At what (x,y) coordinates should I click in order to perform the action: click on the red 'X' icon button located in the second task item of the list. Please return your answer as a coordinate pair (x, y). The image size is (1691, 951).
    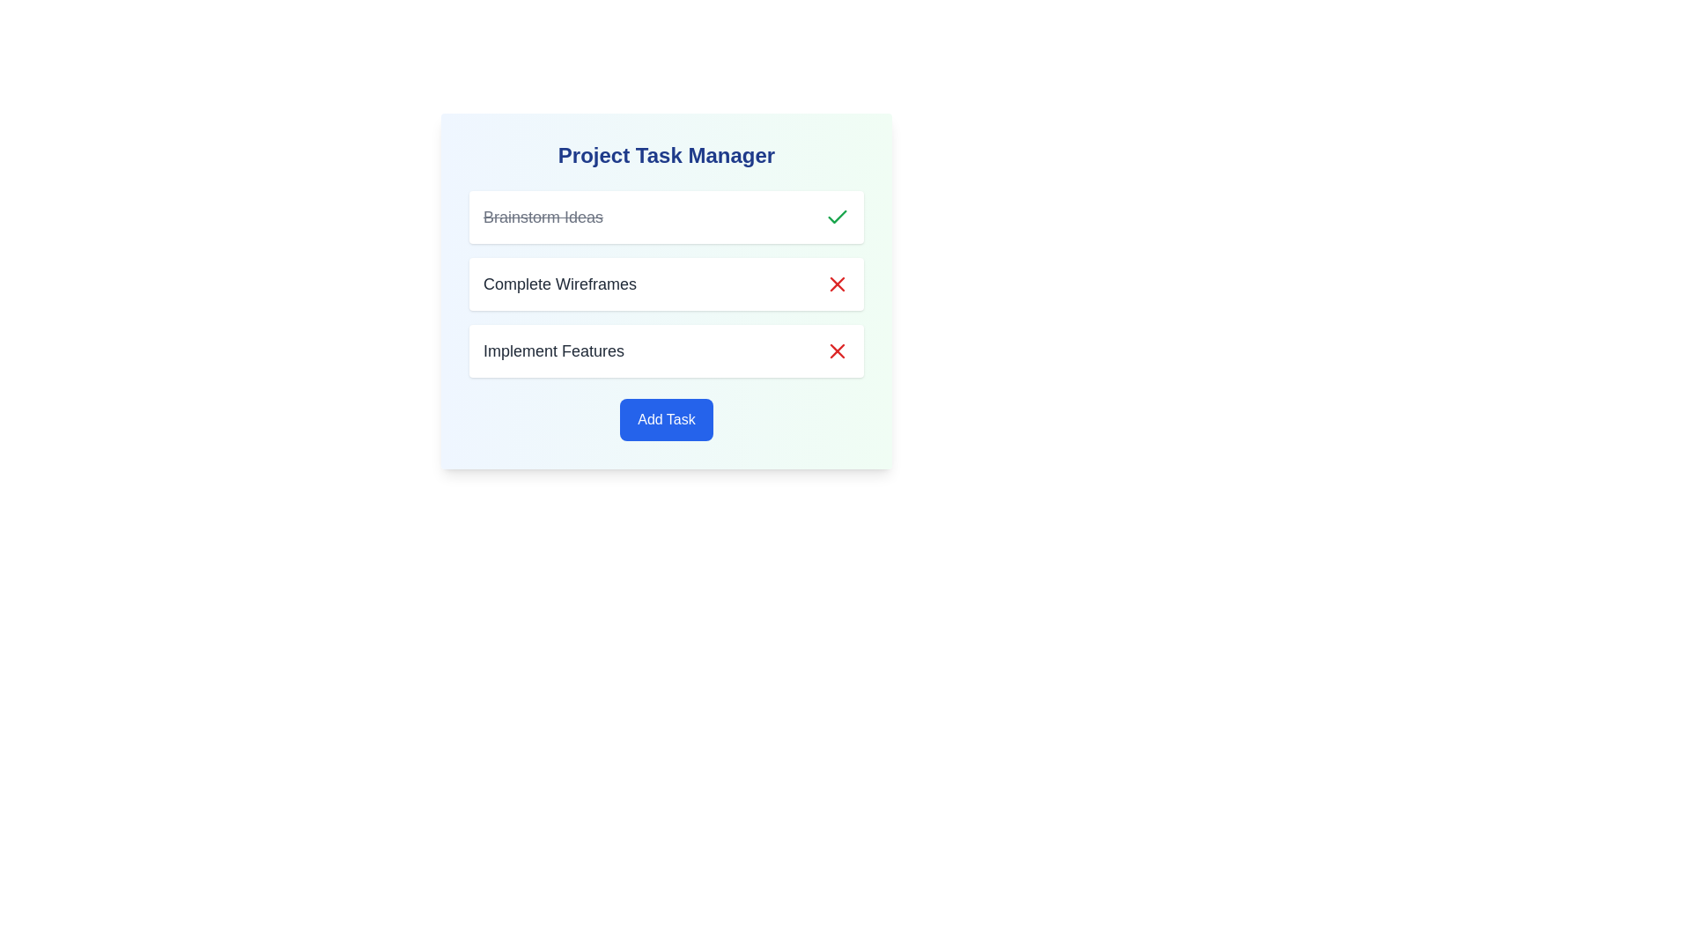
    Looking at the image, I should click on (836, 350).